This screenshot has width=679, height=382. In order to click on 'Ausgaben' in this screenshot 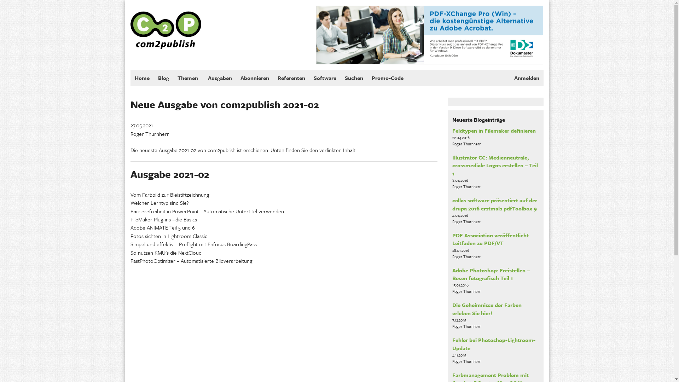, I will do `click(220, 78)`.